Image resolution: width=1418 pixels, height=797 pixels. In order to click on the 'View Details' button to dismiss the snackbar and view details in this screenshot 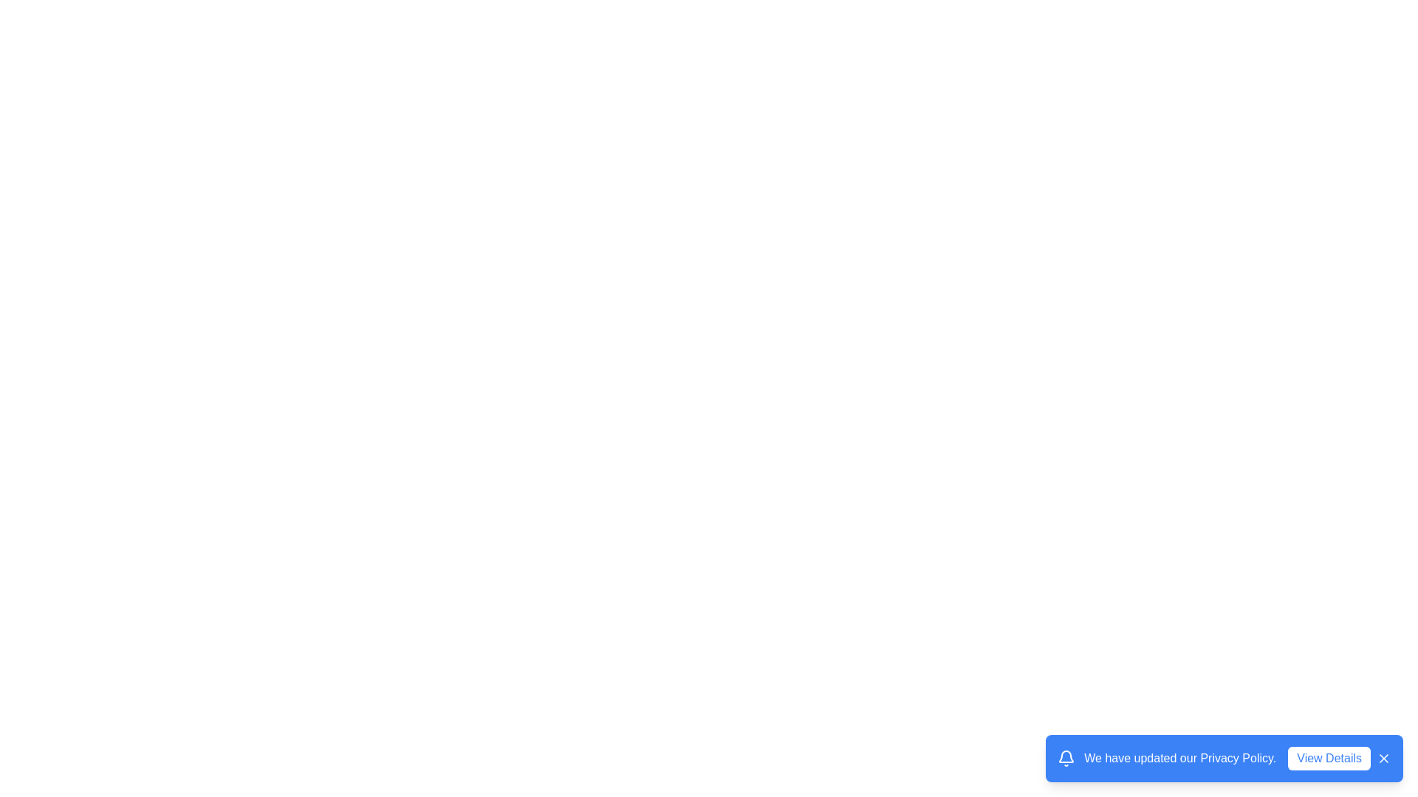, I will do `click(1329, 759)`.